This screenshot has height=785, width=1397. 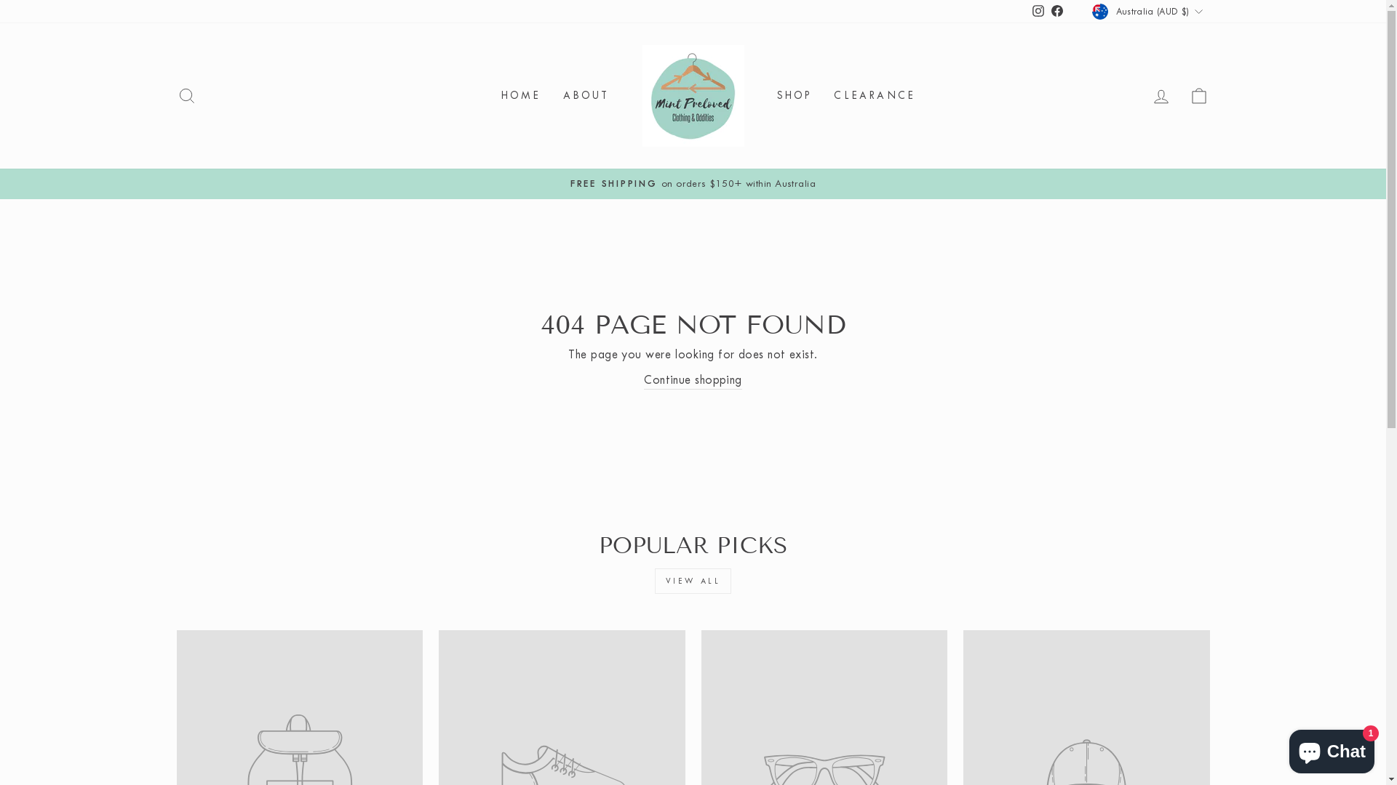 What do you see at coordinates (1141, 96) in the screenshot?
I see `'LOG IN'` at bounding box center [1141, 96].